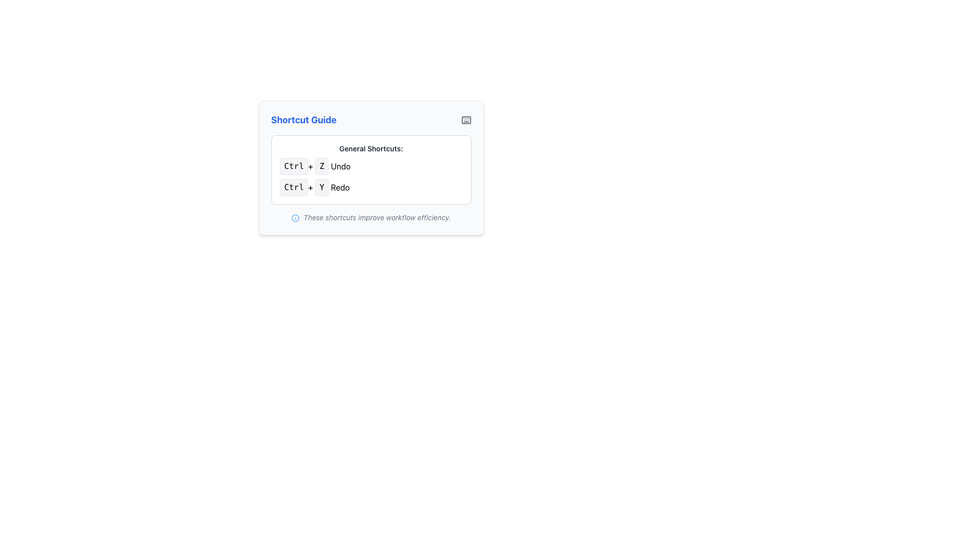 Image resolution: width=965 pixels, height=543 pixels. I want to click on the button-like component displaying the text 'Ctrl', so click(293, 166).